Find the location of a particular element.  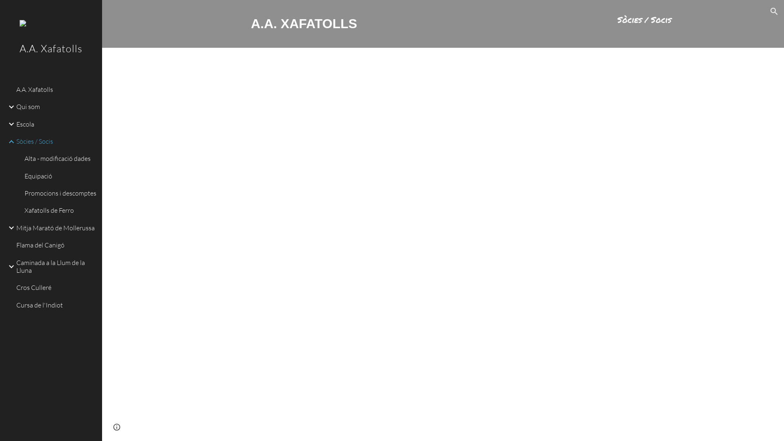

'Escola' is located at coordinates (56, 124).